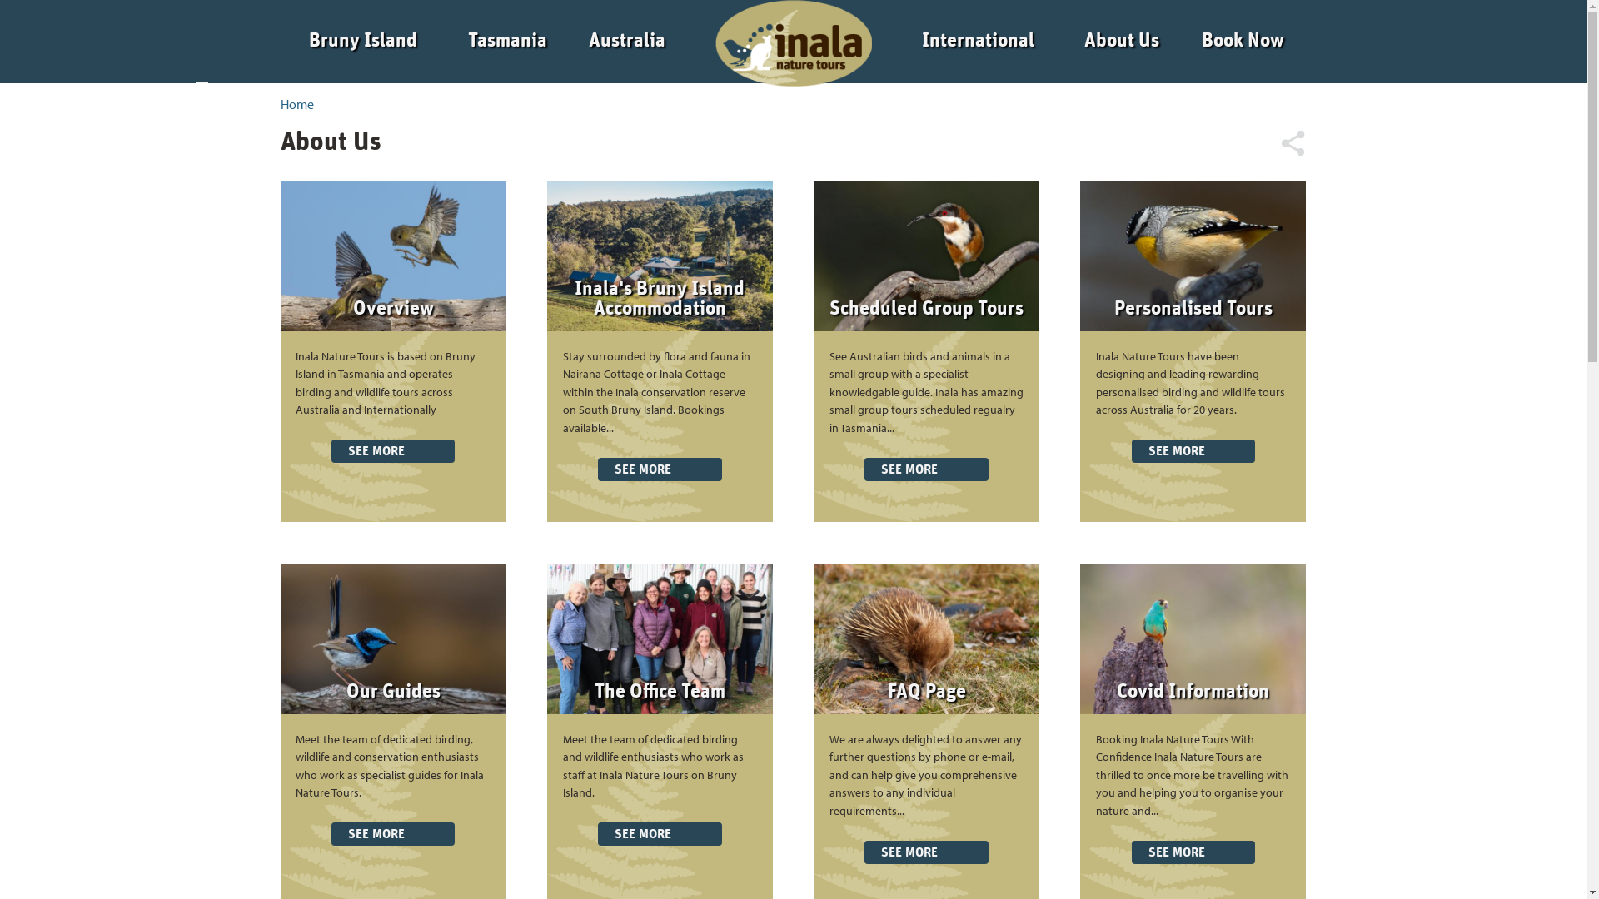 This screenshot has height=899, width=1599. Describe the element at coordinates (1243, 40) in the screenshot. I see `'Book Now'` at that location.